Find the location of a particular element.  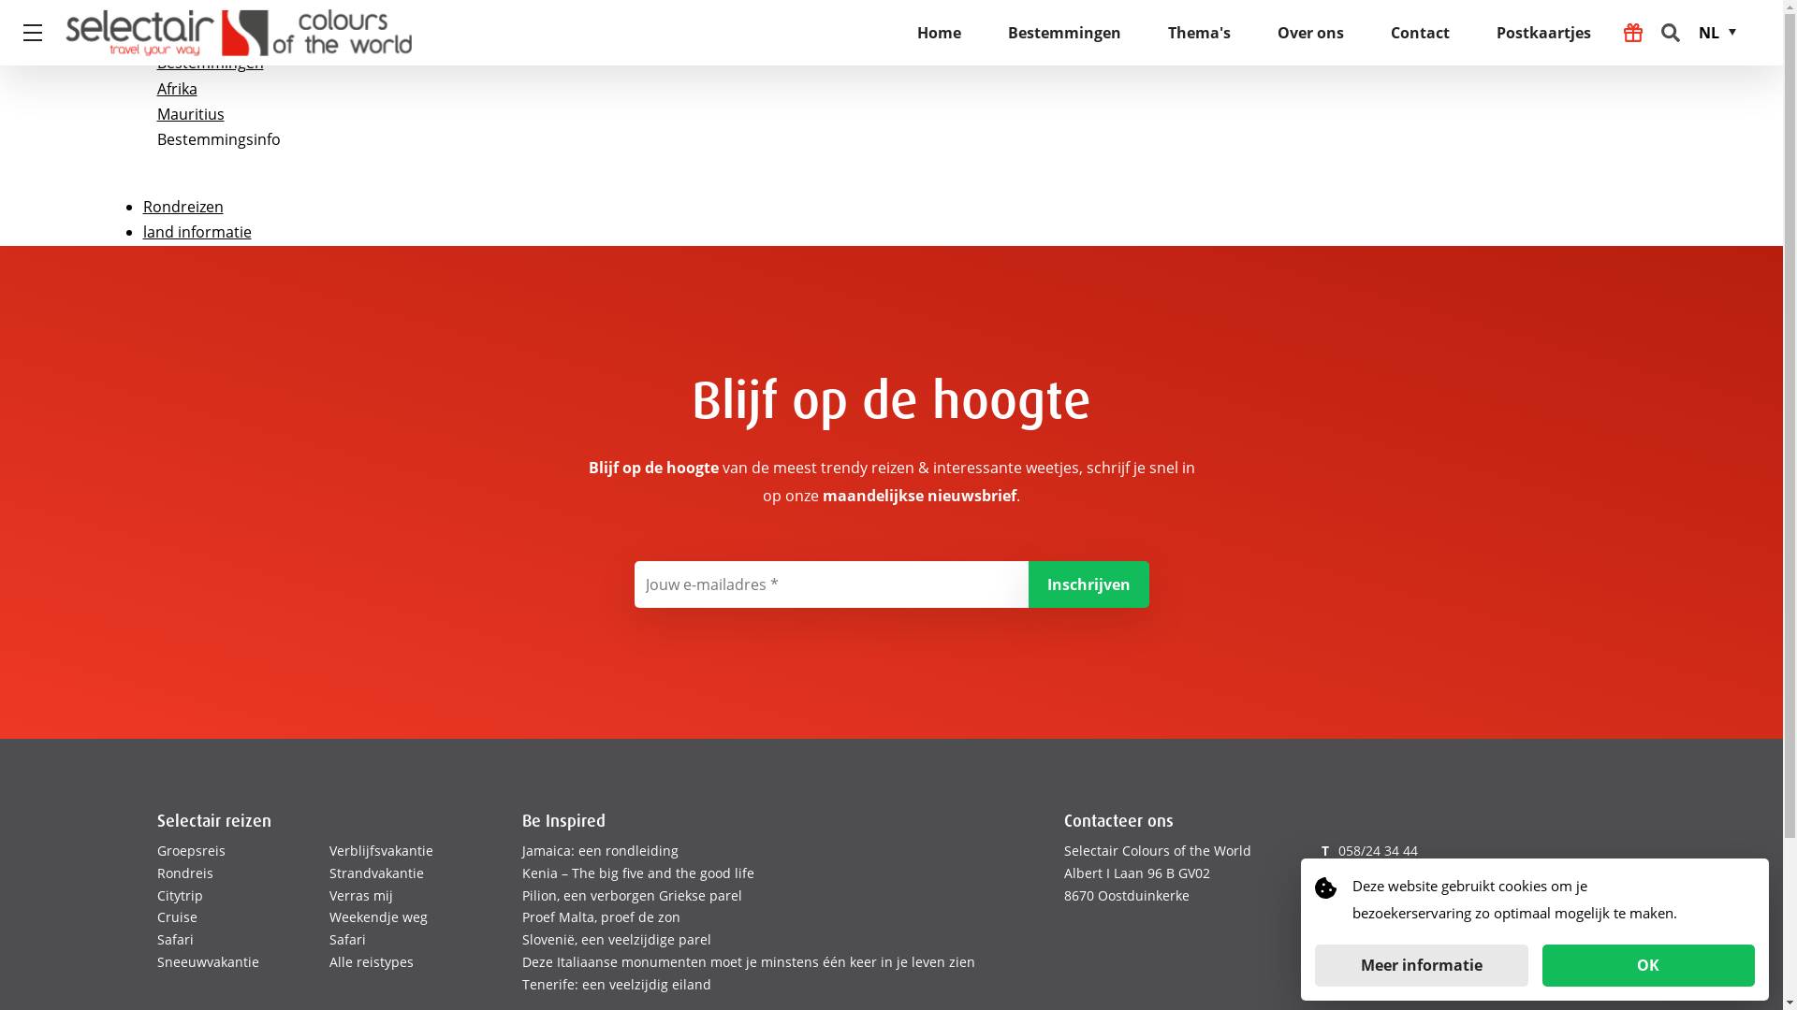

'Strandvakantie' is located at coordinates (375, 873).